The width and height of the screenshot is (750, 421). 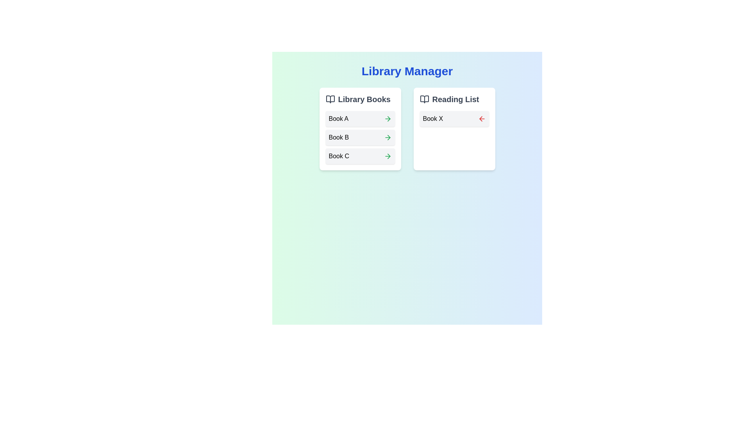 What do you see at coordinates (338, 119) in the screenshot?
I see `the text label that identifies a book item in the 'Library Books' section, positioned above 'Book B' and 'Book C'` at bounding box center [338, 119].